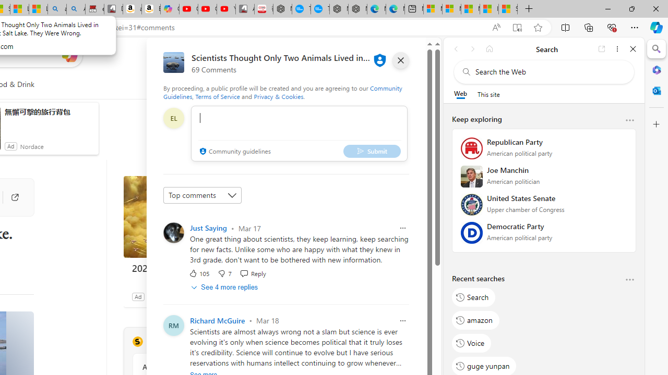 The width and height of the screenshot is (668, 375). What do you see at coordinates (208, 227) in the screenshot?
I see `'Just Saying'` at bounding box center [208, 227].